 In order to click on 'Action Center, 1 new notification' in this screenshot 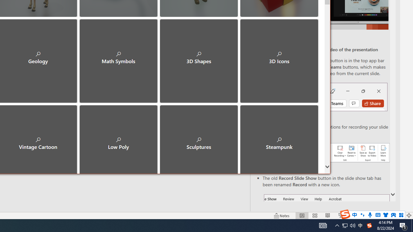, I will do `click(403, 225)`.